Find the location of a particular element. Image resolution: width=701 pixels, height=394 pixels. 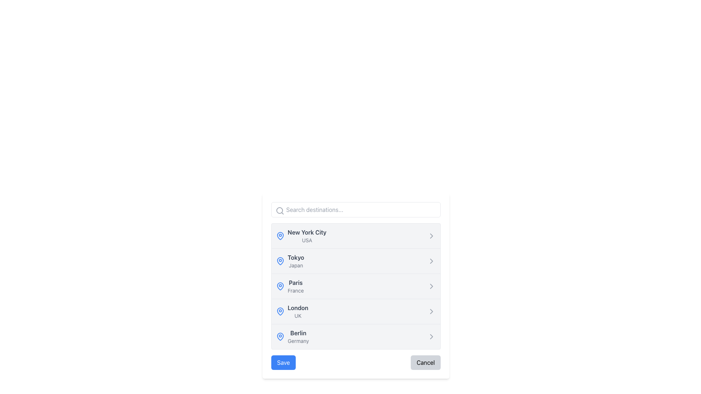

the blue outlined location pin icon adjacent to the text 'Paris' in the list of locations is located at coordinates (280, 286).